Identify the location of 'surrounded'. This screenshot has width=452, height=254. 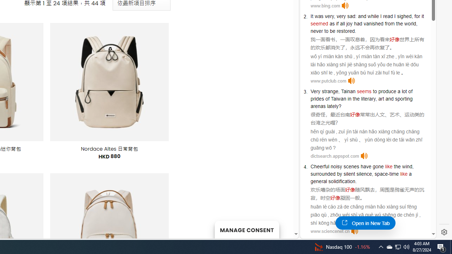
(323, 174).